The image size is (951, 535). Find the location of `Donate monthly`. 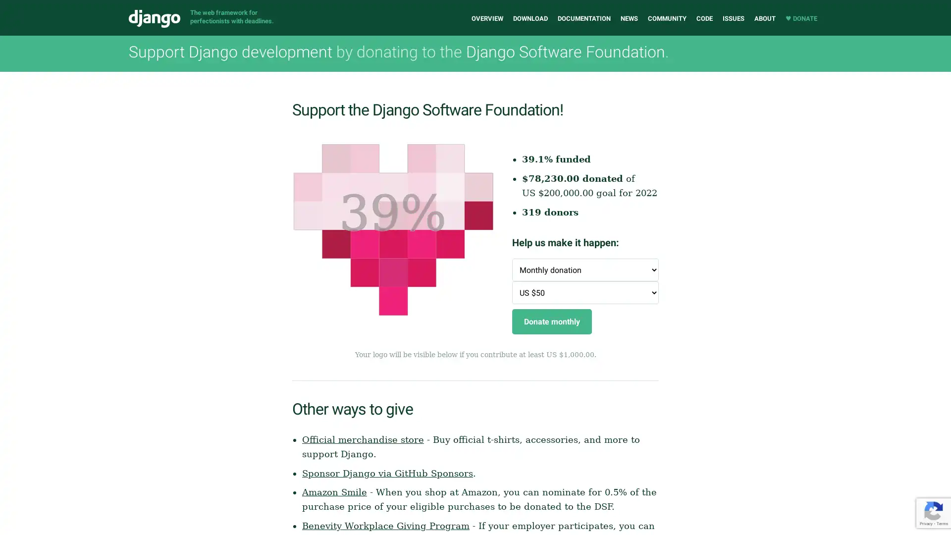

Donate monthly is located at coordinates (551, 321).